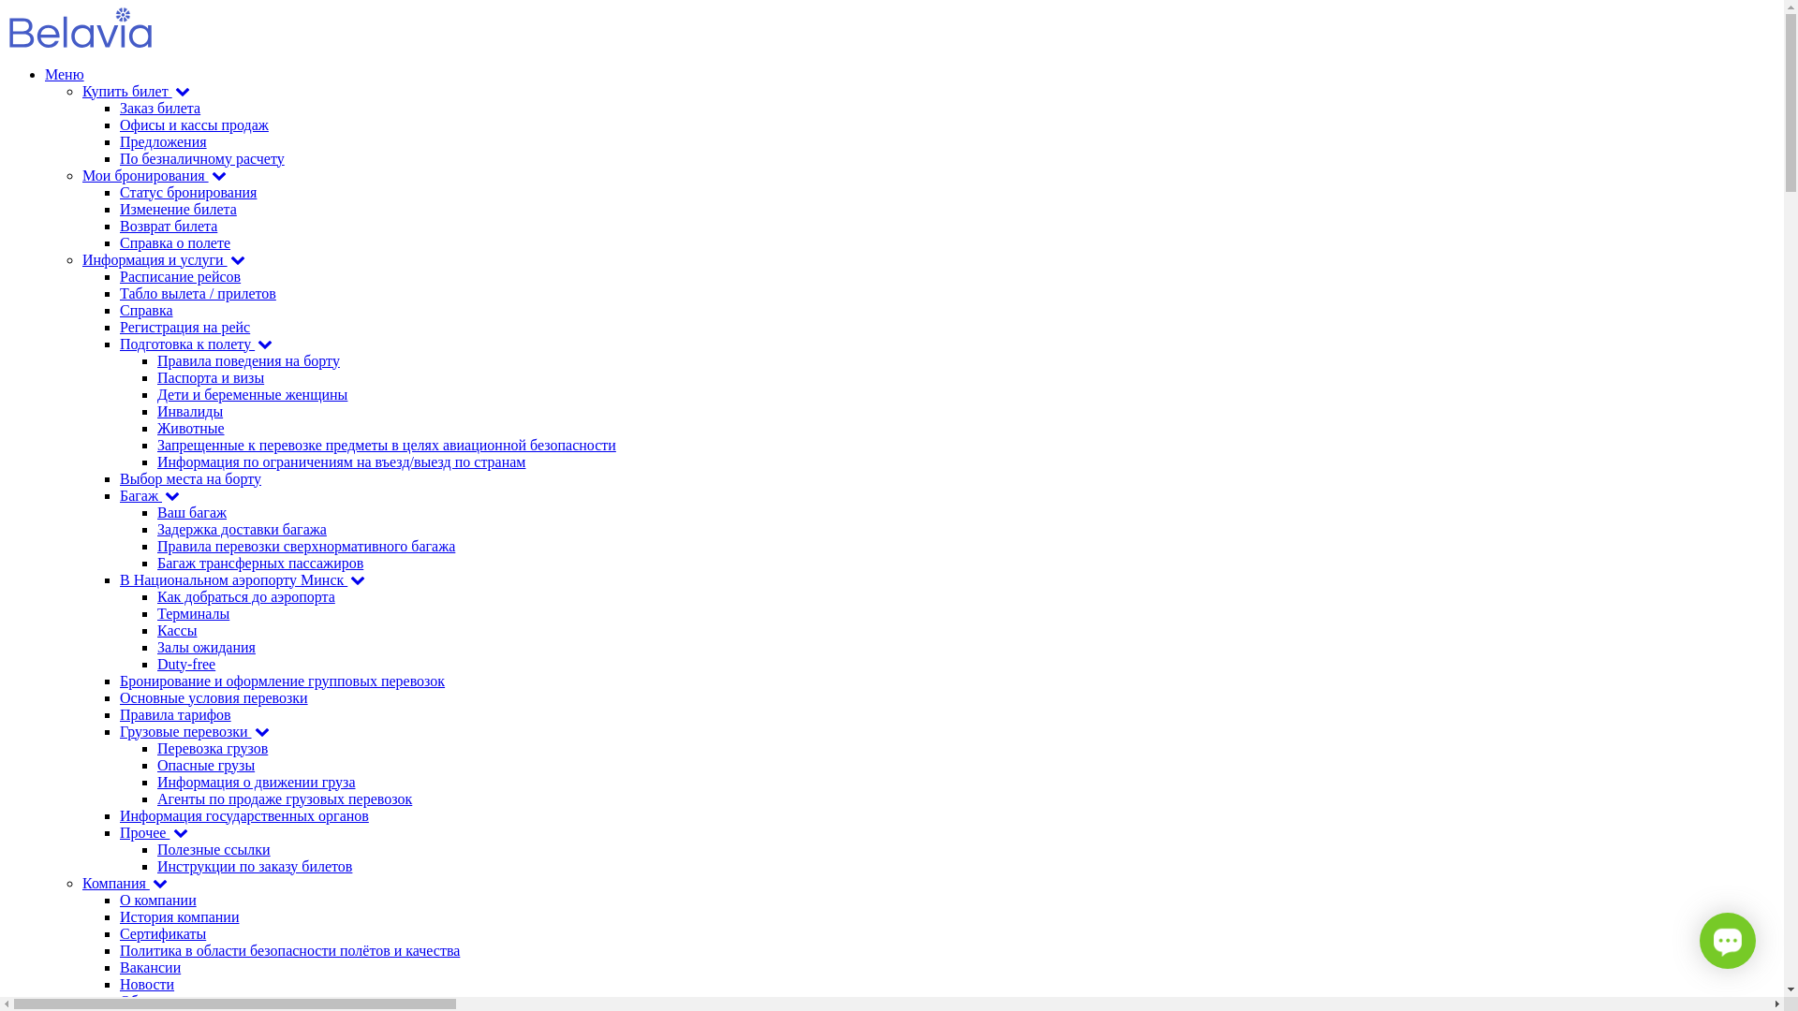 The image size is (1798, 1011). Describe the element at coordinates (185, 662) in the screenshot. I see `'Duty-free'` at that location.